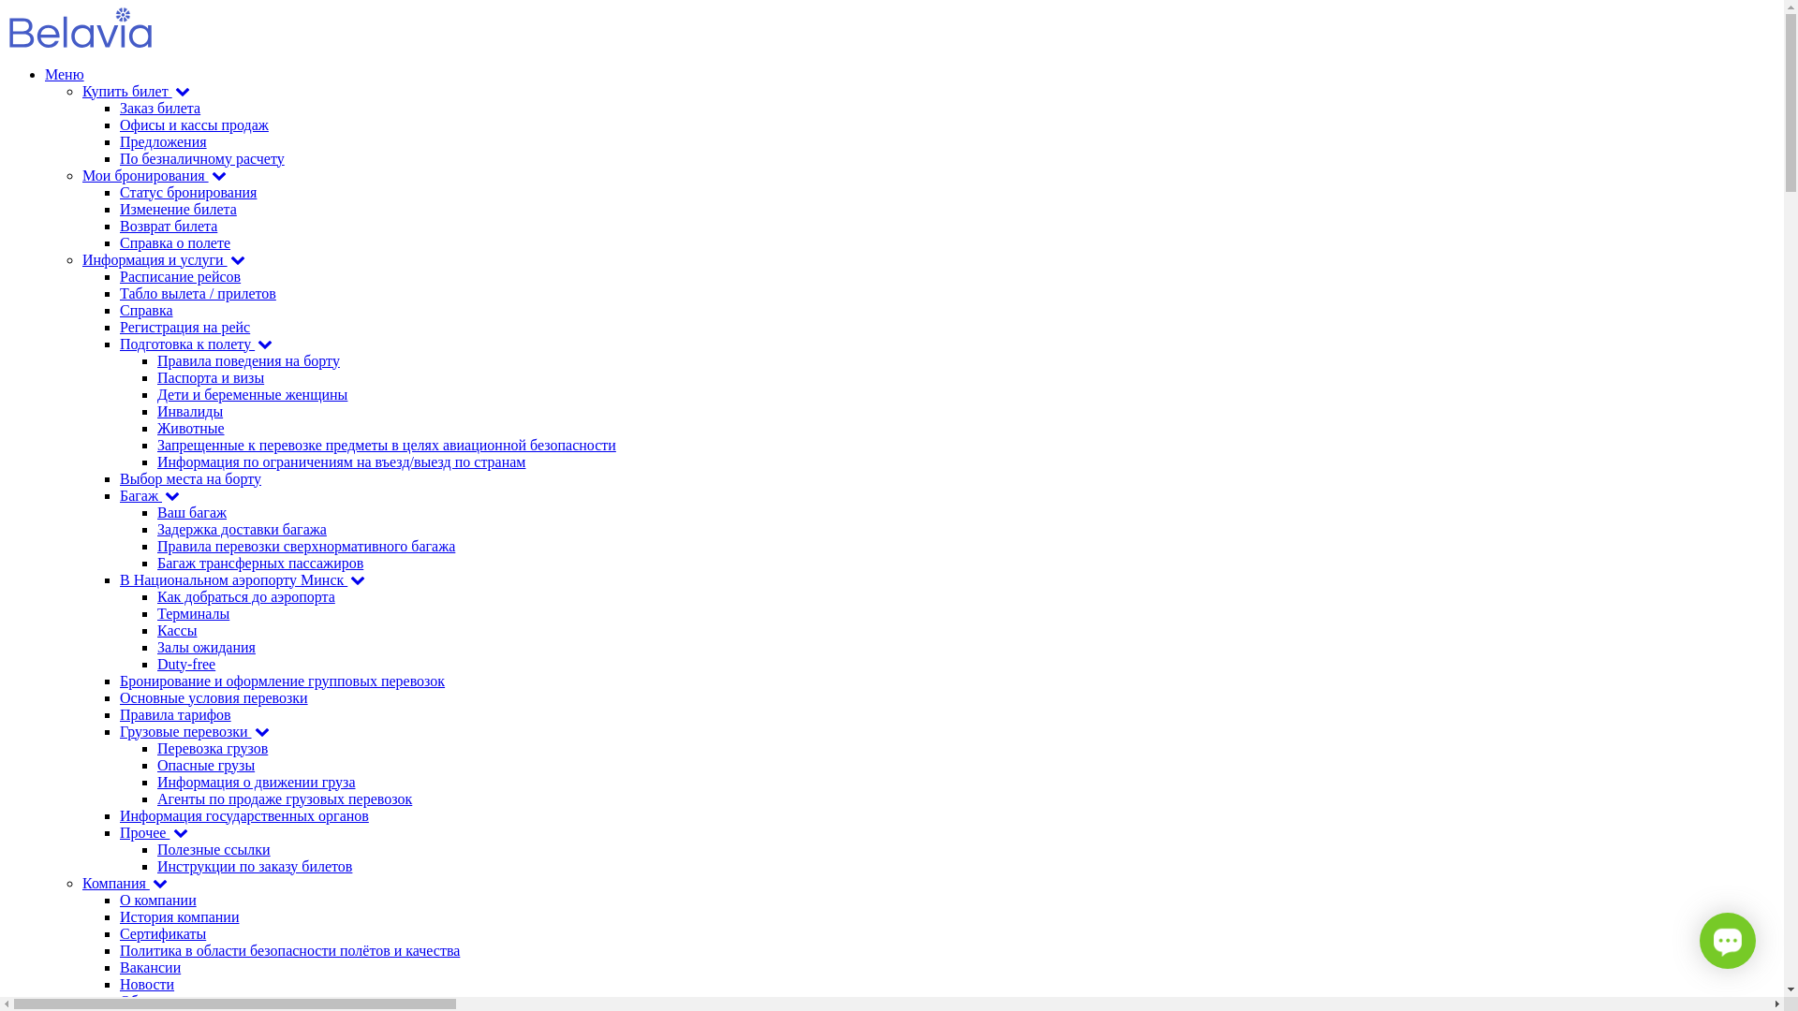 The image size is (1798, 1011). Describe the element at coordinates (185, 662) in the screenshot. I see `'Duty-free'` at that location.